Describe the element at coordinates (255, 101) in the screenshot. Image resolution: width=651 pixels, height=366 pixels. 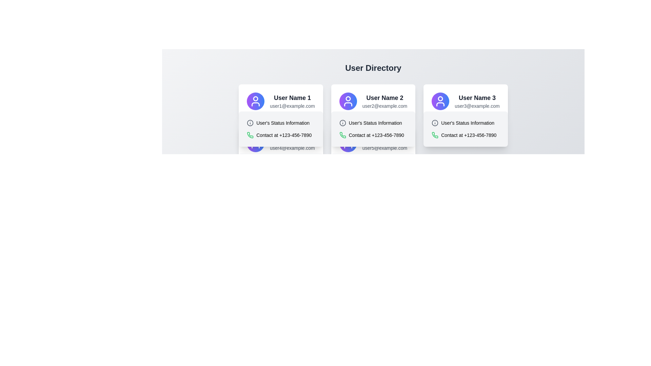
I see `the profile icon located in the top-left part of the first user card, above the text 'User Name 1' and 'user1@example.com'` at that location.